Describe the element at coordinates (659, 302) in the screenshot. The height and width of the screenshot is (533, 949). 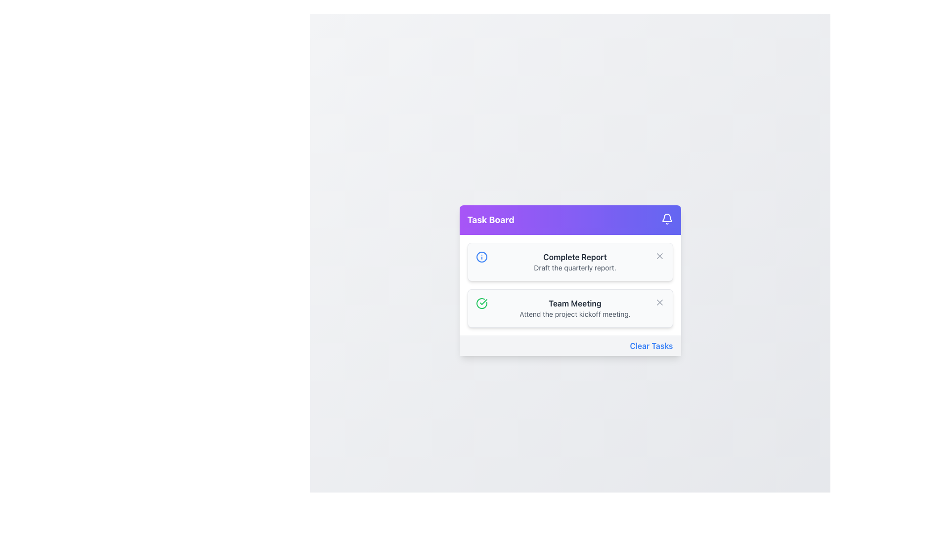
I see `the Close or Remove icon (an 'X' shape) next to the 'Complete Report - Draft the quarterly report' task` at that location.